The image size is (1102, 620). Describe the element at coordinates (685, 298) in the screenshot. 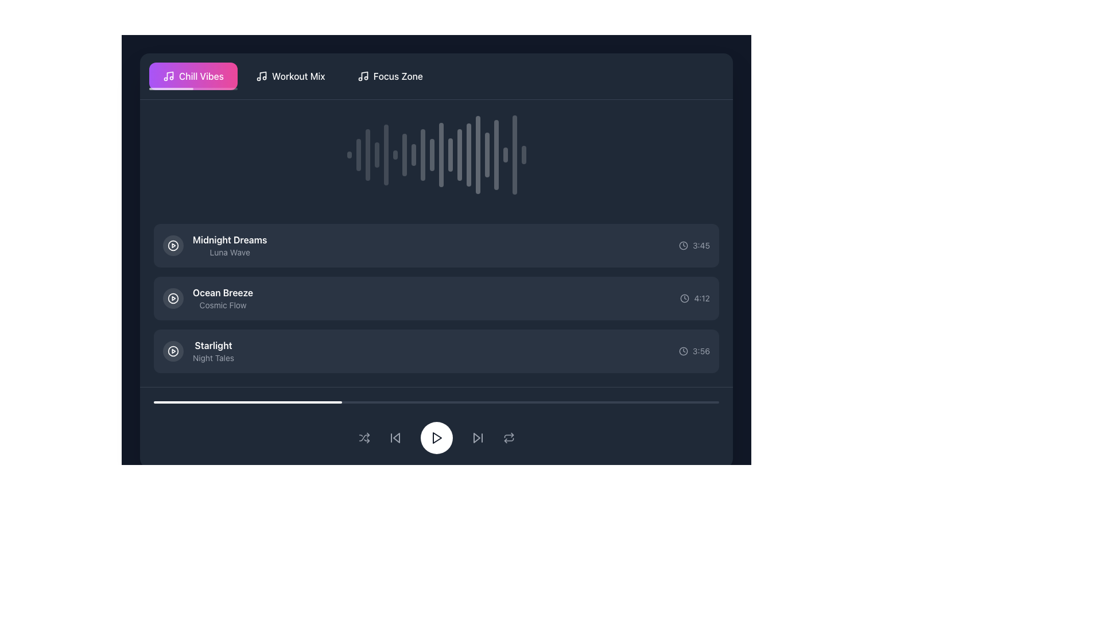

I see `the duration indicator for the track 'Ocean Breeze' located at the rightmost edge of the second row in the playlist` at that location.